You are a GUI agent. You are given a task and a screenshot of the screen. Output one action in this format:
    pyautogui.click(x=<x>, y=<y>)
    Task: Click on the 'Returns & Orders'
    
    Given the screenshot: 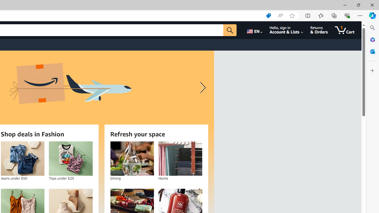 What is the action you would take?
    pyautogui.click(x=319, y=30)
    